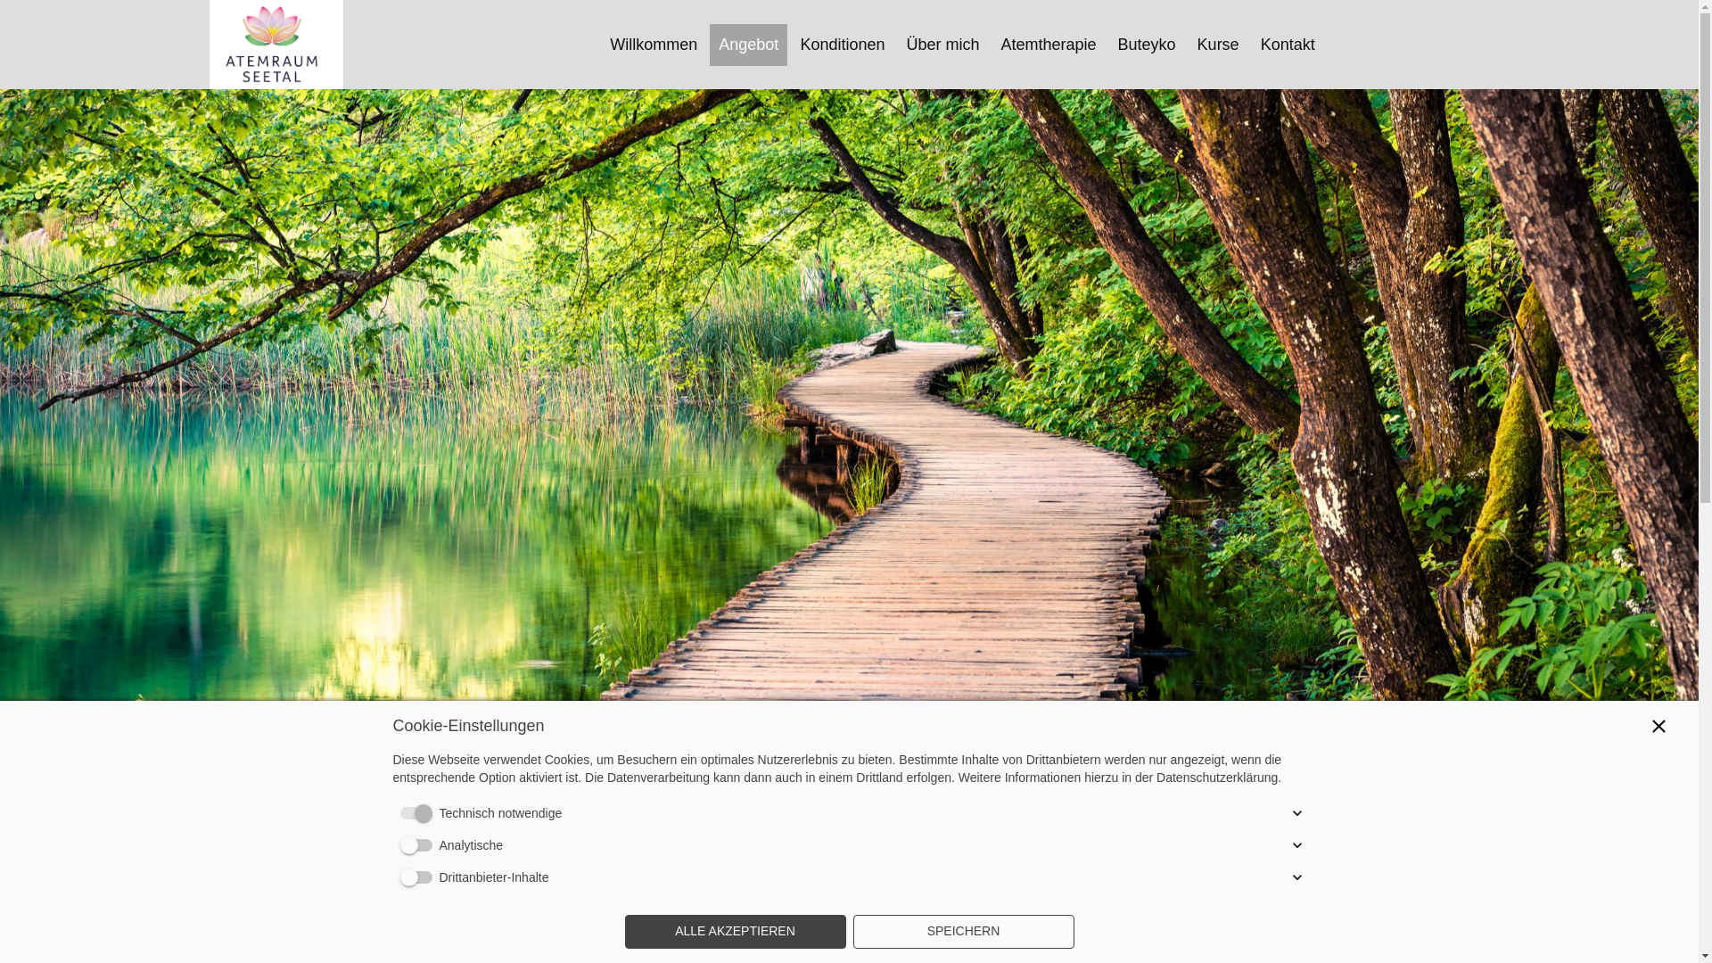 Image resolution: width=1712 pixels, height=963 pixels. What do you see at coordinates (962, 931) in the screenshot?
I see `'SPEICHERN'` at bounding box center [962, 931].